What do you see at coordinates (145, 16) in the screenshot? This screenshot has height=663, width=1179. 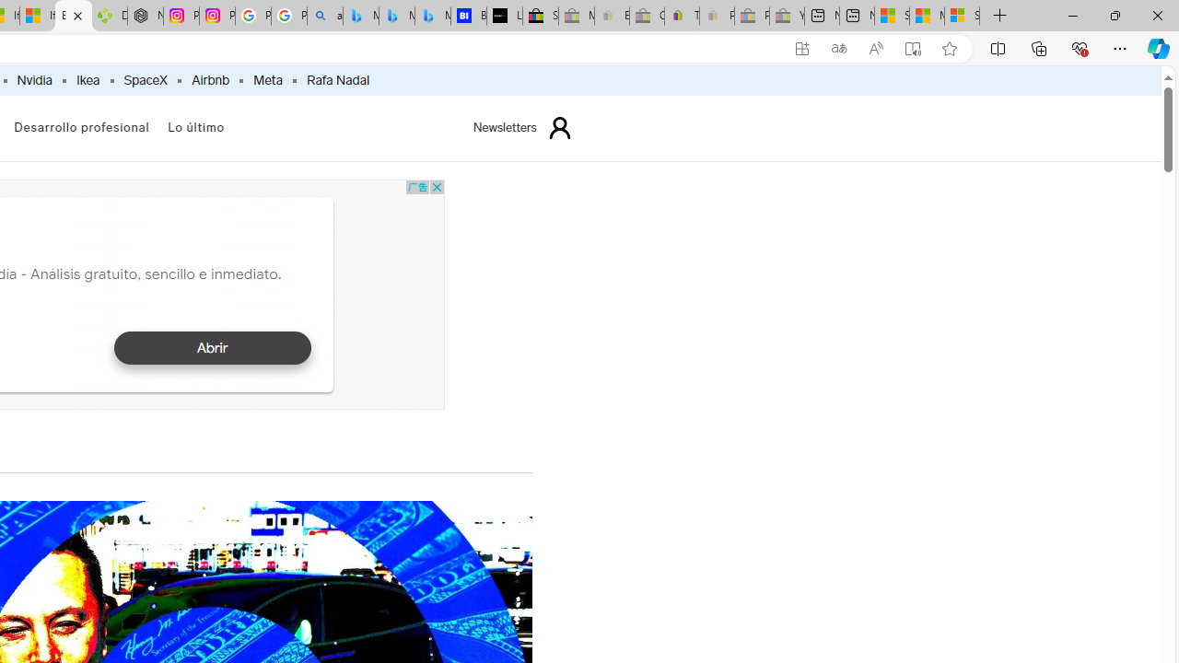 I see `'Nordace - Nordace Edin Collection'` at bounding box center [145, 16].